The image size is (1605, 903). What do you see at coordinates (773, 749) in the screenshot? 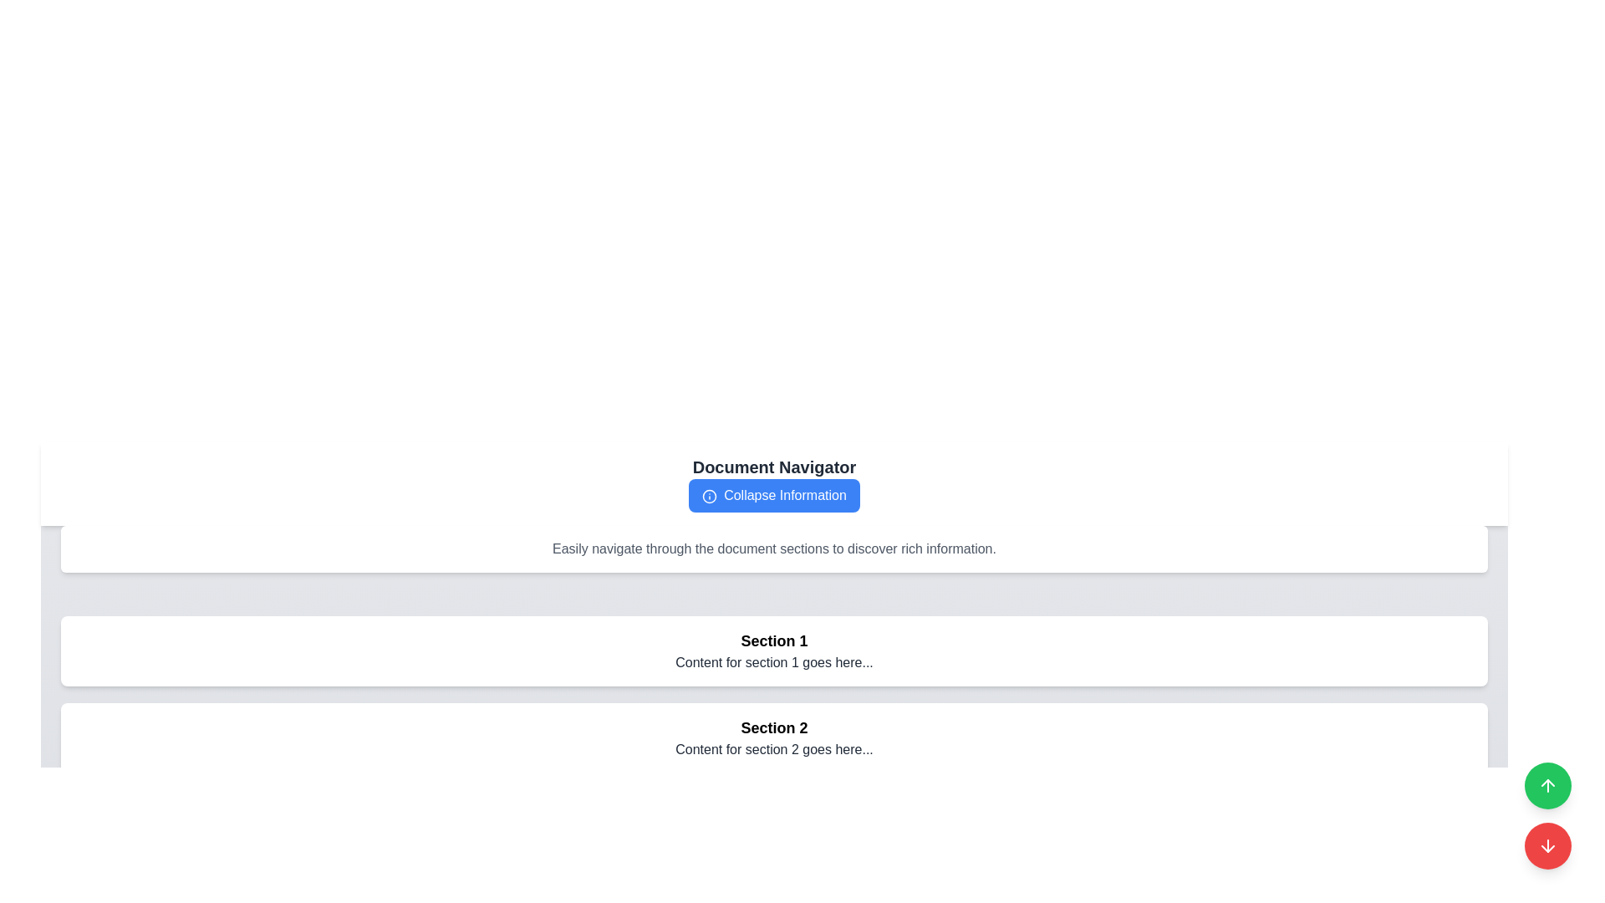
I see `the static text element that displays detailed information, located below the title 'Section 2' in the lower half of the interface` at bounding box center [773, 749].